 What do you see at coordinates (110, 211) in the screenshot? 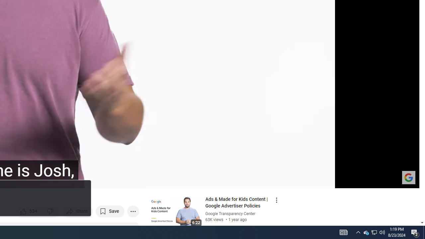
I see `'Save to playlist'` at bounding box center [110, 211].